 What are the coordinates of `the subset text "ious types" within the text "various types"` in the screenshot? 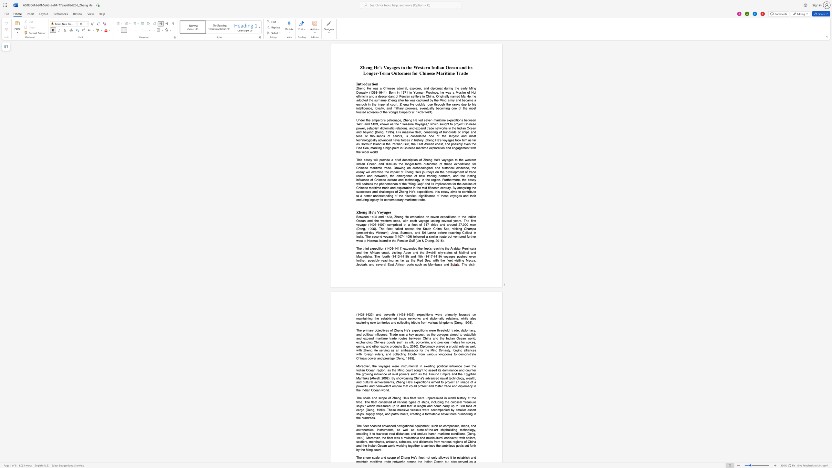 It's located at (401, 401).